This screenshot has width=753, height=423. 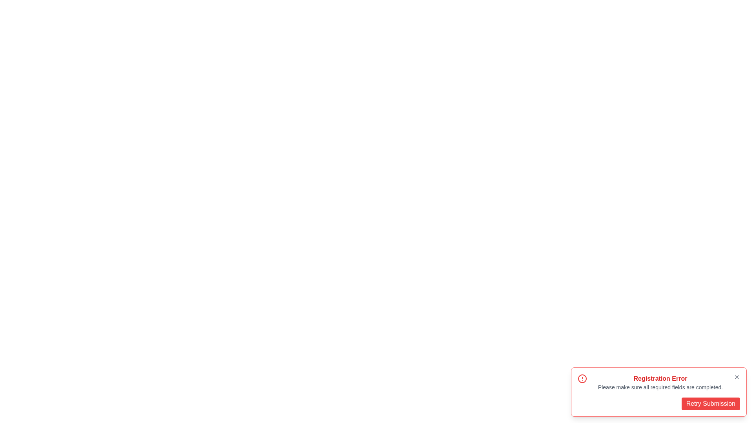 I want to click on the notification panel with a red border and 'Retry Submission' button, so click(x=659, y=392).